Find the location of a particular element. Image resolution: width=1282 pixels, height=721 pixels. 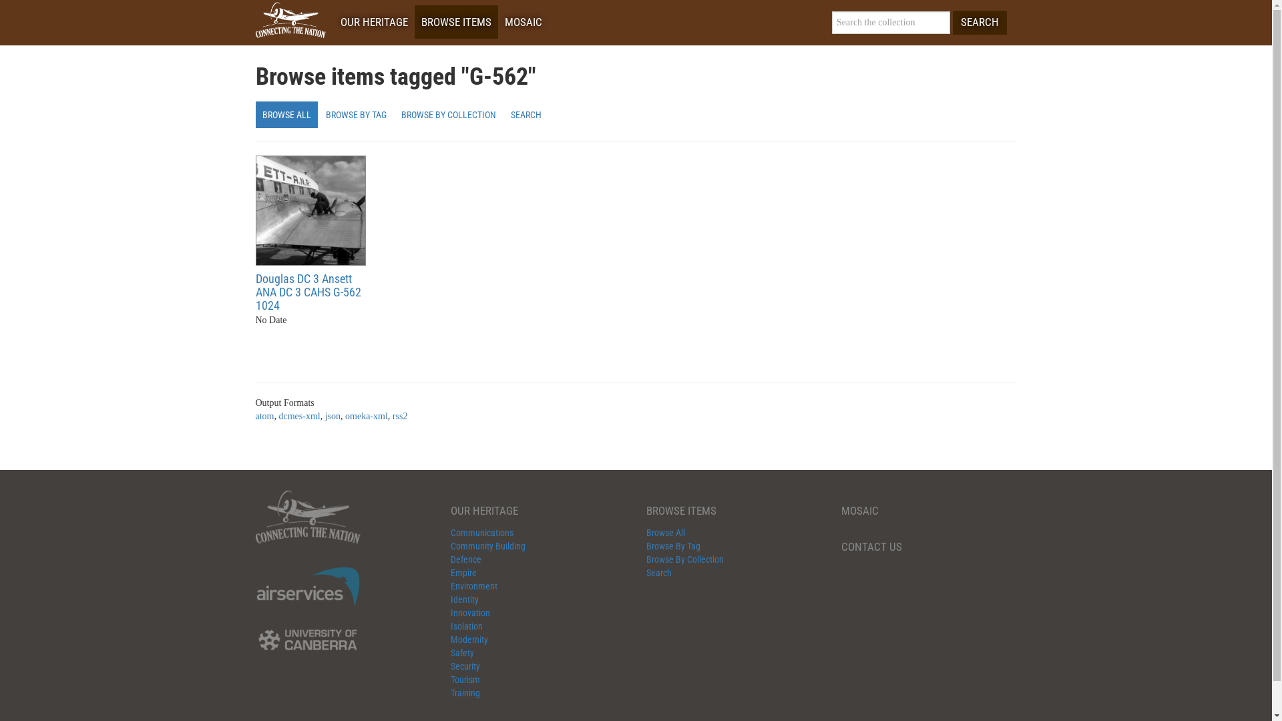

'OUR HERITAGE' is located at coordinates (374, 22).